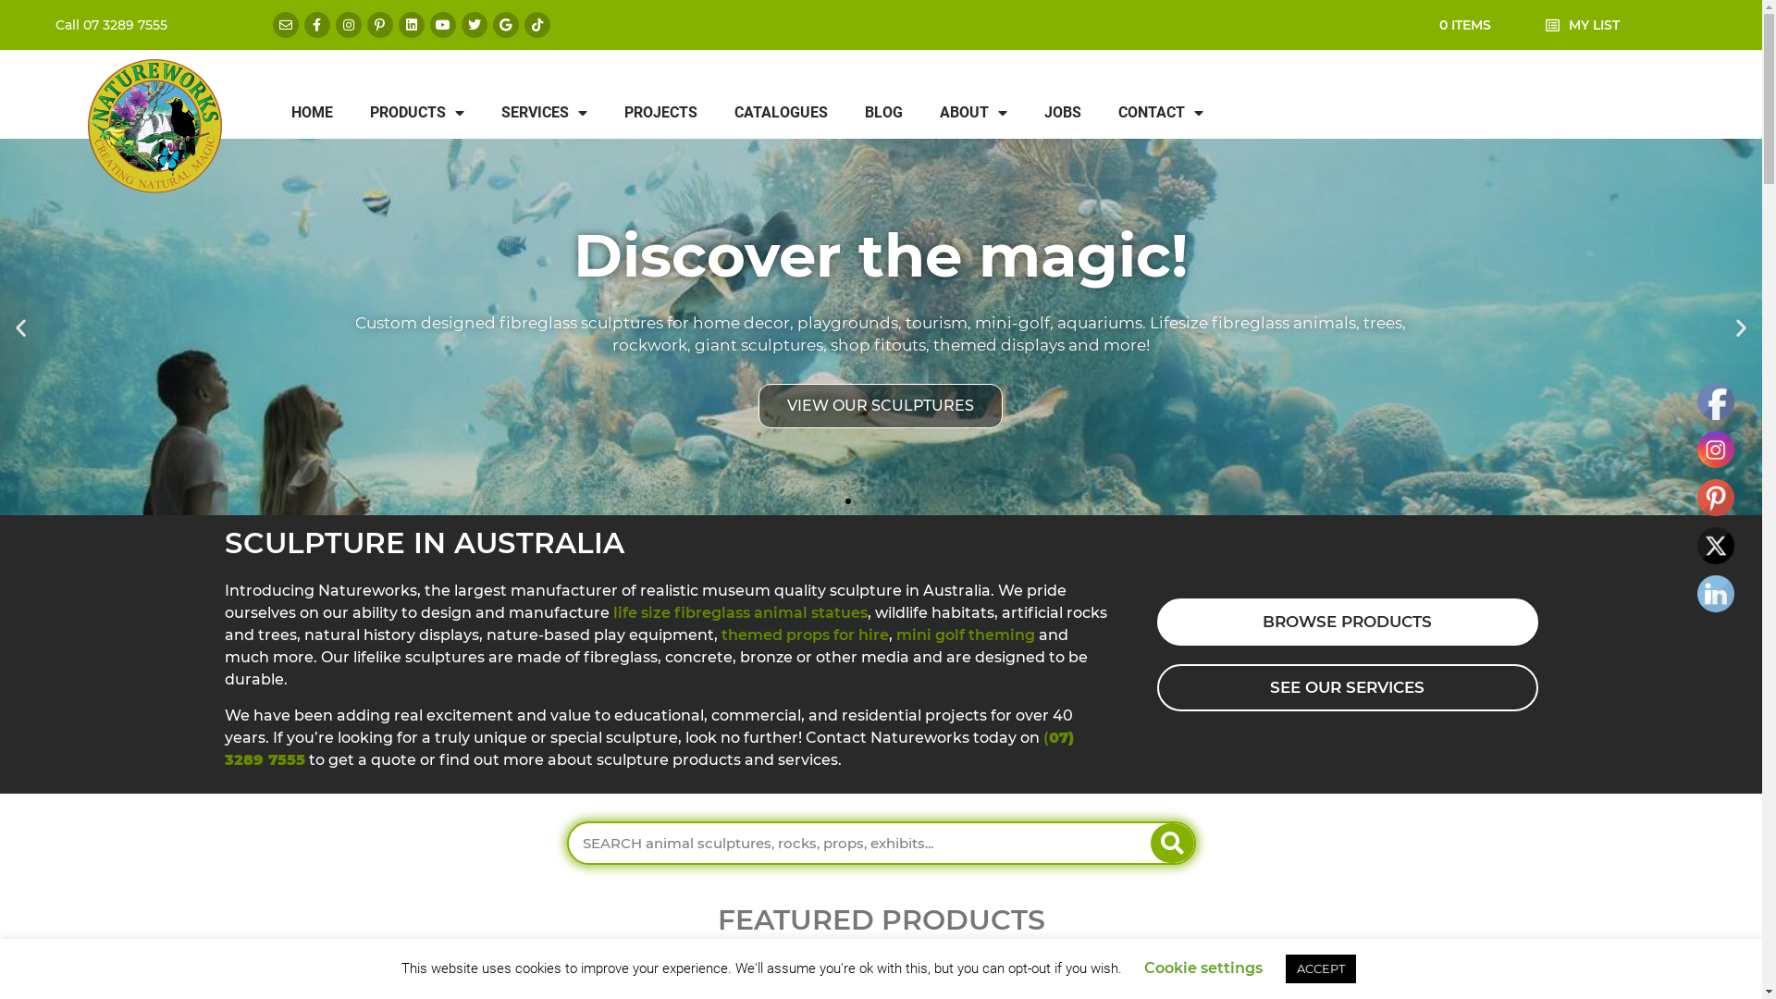  I want to click on 'Twitter', so click(1714, 545).